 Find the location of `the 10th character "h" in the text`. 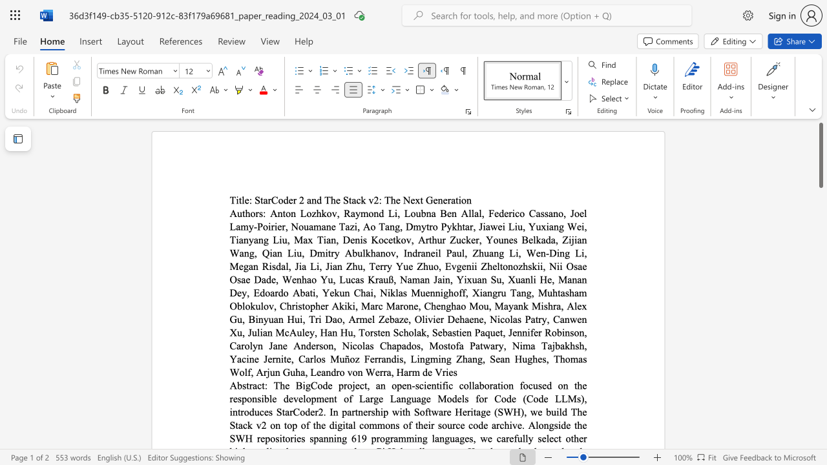

the 10th character "h" in the text is located at coordinates (304, 279).